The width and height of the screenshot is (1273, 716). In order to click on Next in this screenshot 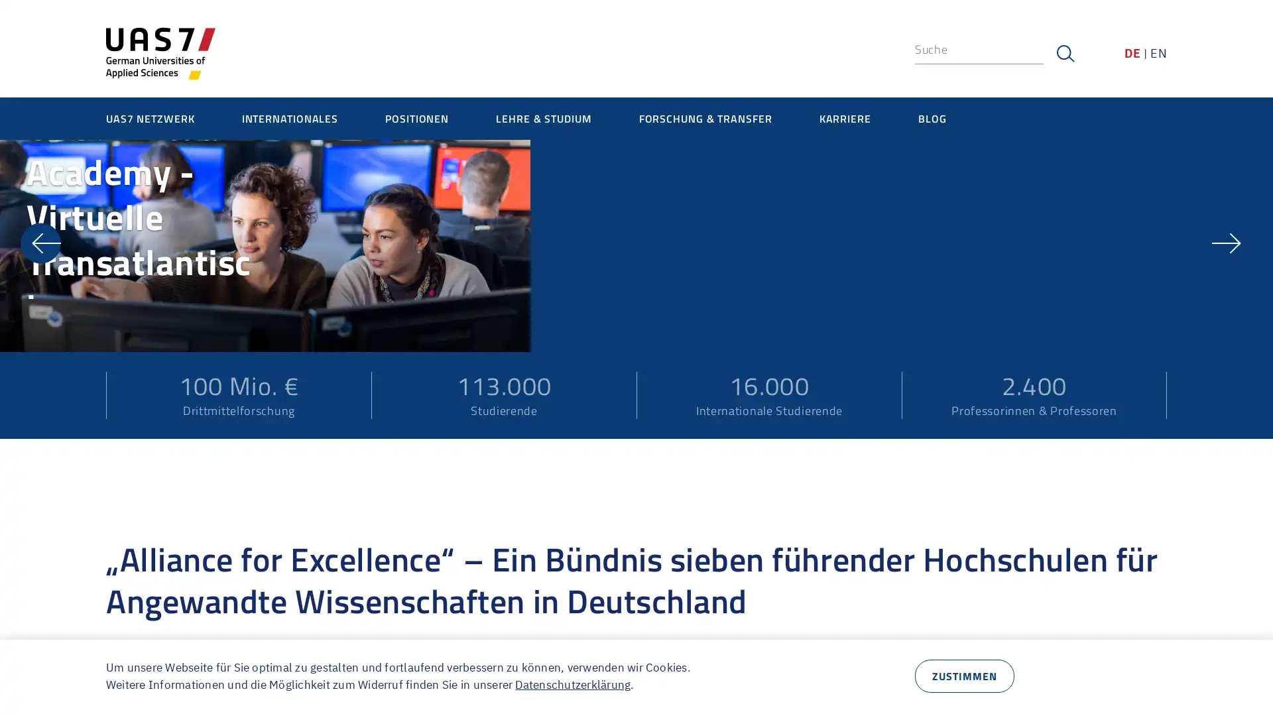, I will do `click(1231, 390)`.